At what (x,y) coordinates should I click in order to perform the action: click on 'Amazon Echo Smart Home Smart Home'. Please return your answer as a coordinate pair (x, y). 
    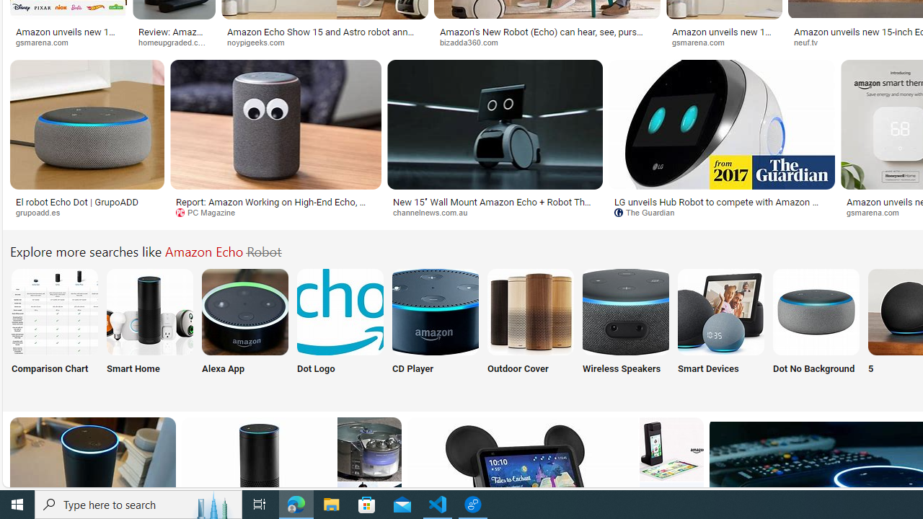
    Looking at the image, I should click on (150, 330).